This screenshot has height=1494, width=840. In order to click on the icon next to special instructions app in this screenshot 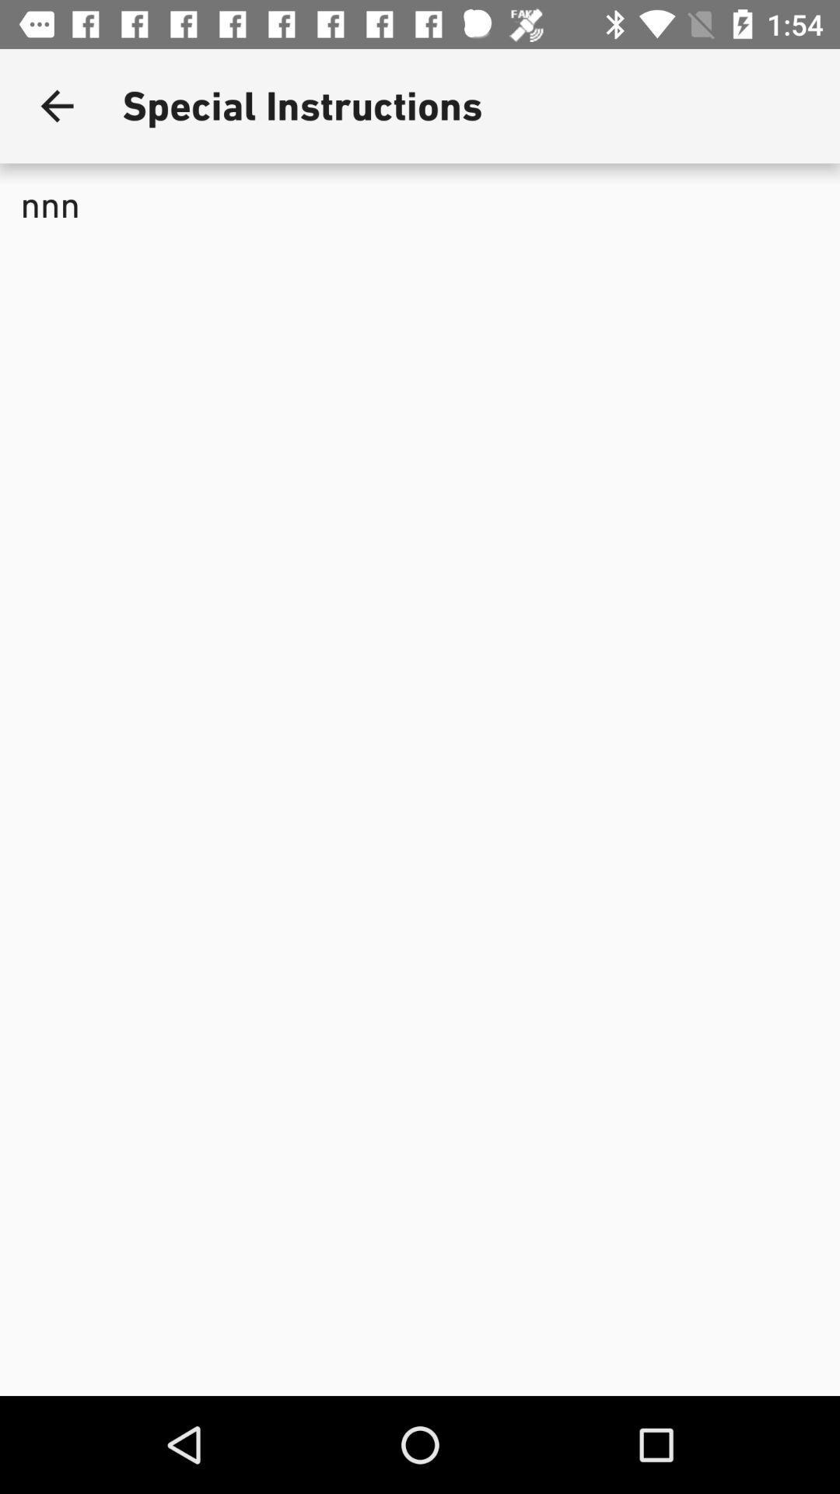, I will do `click(56, 105)`.